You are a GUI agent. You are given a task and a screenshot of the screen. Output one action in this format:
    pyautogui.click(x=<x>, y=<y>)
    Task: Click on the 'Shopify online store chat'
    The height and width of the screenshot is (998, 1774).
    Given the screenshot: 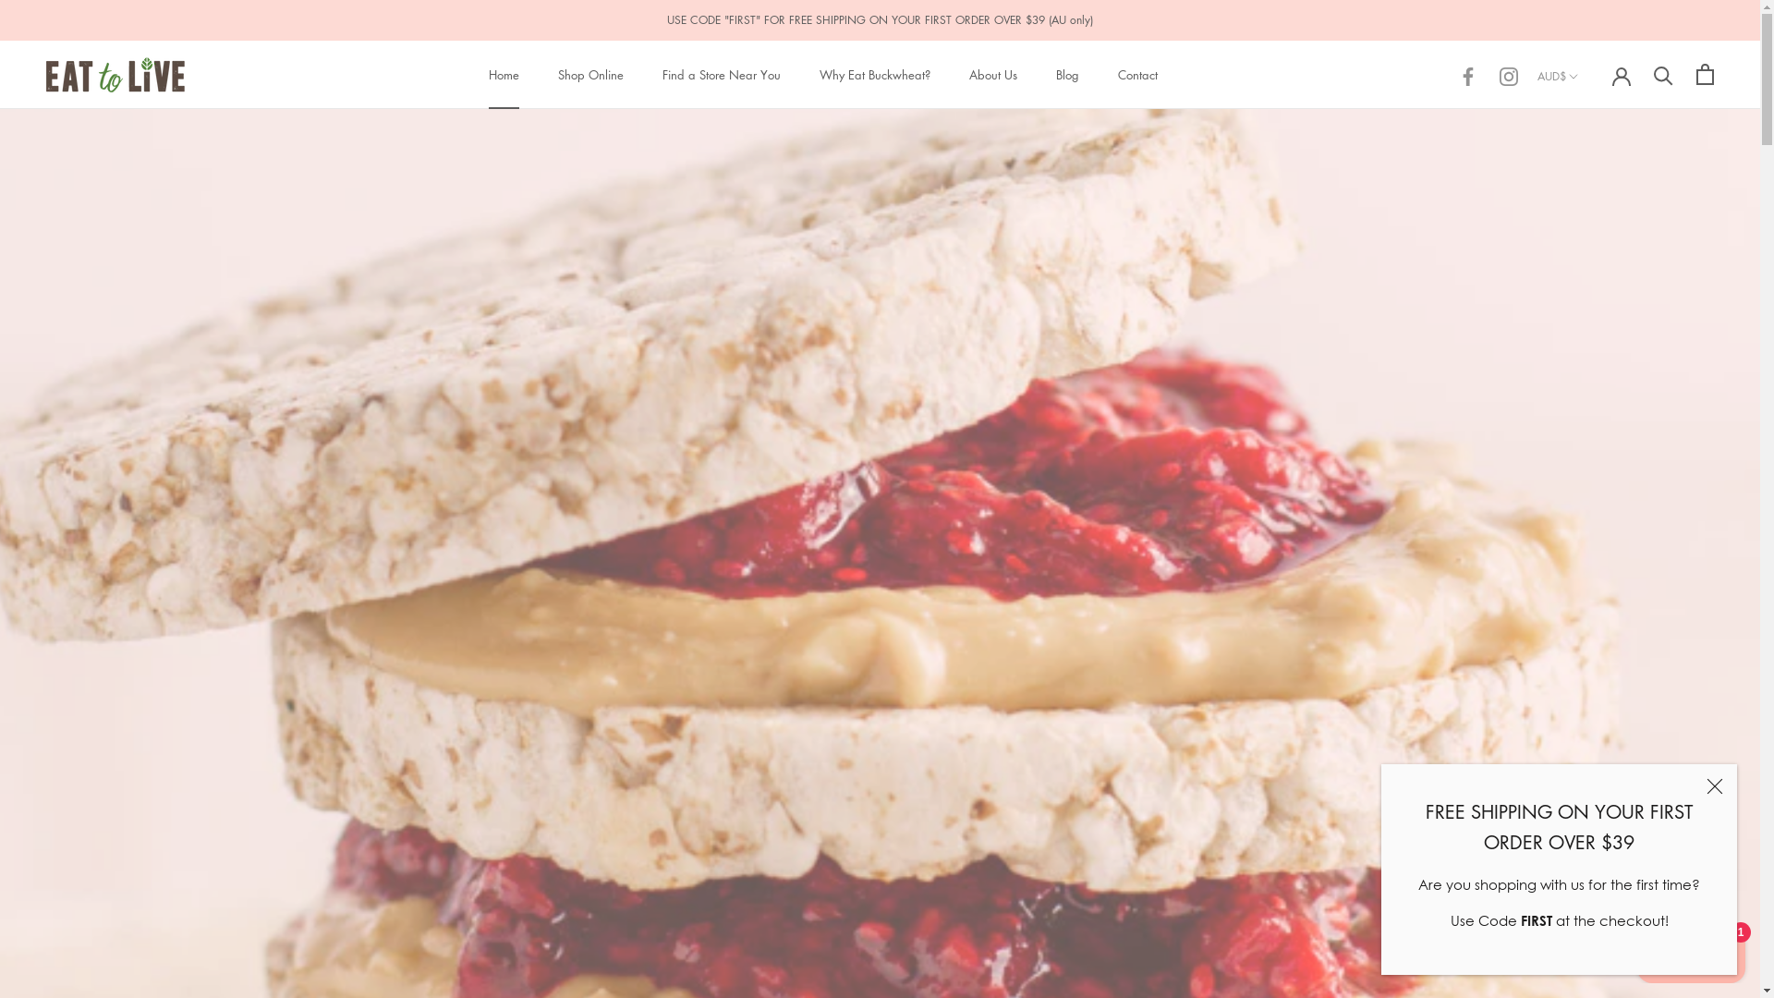 What is the action you would take?
    pyautogui.click(x=1691, y=951)
    